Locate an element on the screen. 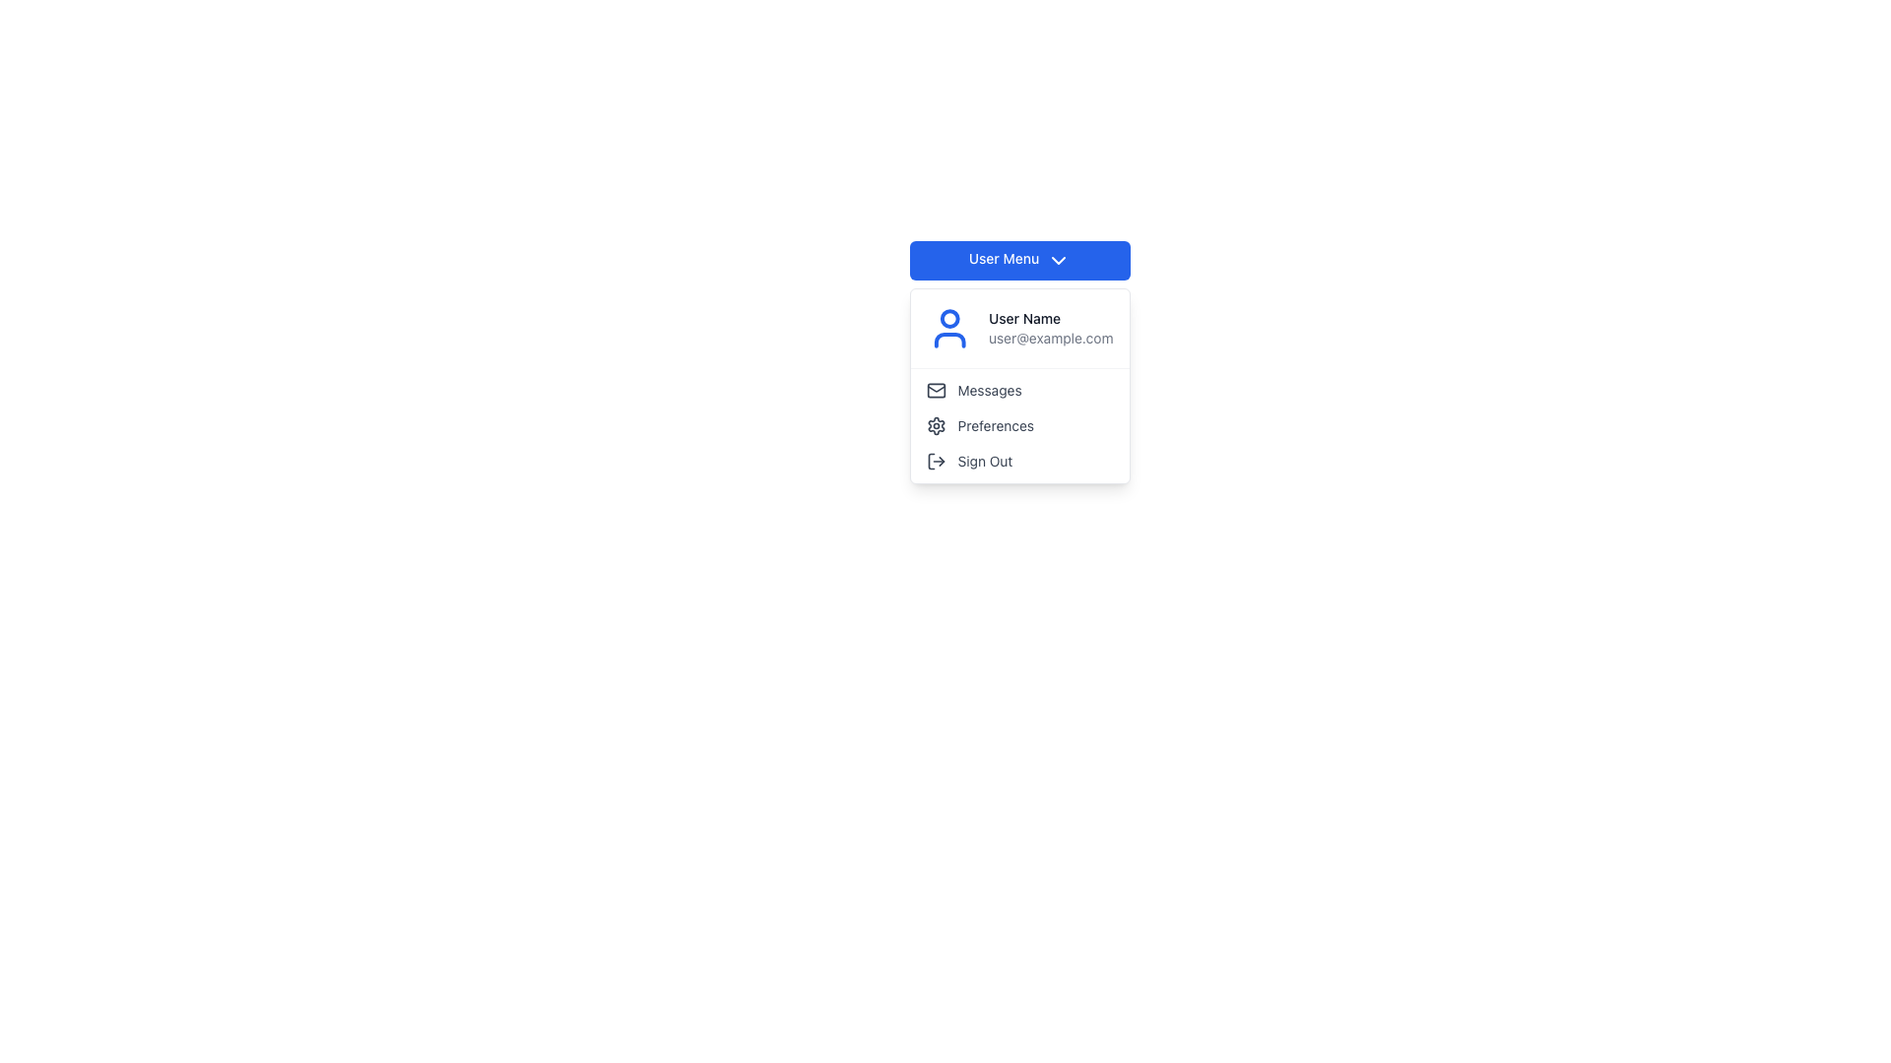 This screenshot has height=1063, width=1891. the settings icon located in the 'User Menu' dropdown under 'Preferences' is located at coordinates (935, 424).